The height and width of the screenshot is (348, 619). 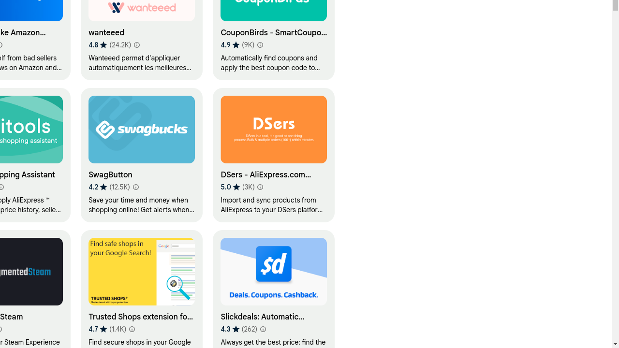 What do you see at coordinates (135, 187) in the screenshot?
I see `'Learn more about results and reviews "SwagButton"'` at bounding box center [135, 187].